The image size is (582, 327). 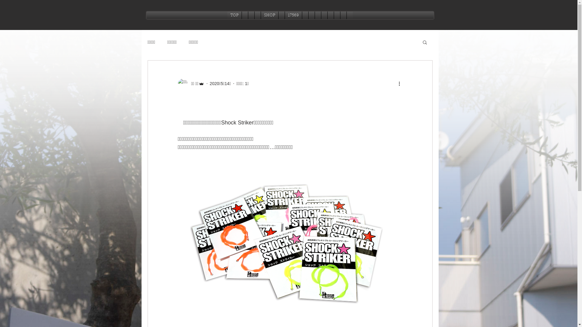 I want to click on 'TOP', so click(x=234, y=15).